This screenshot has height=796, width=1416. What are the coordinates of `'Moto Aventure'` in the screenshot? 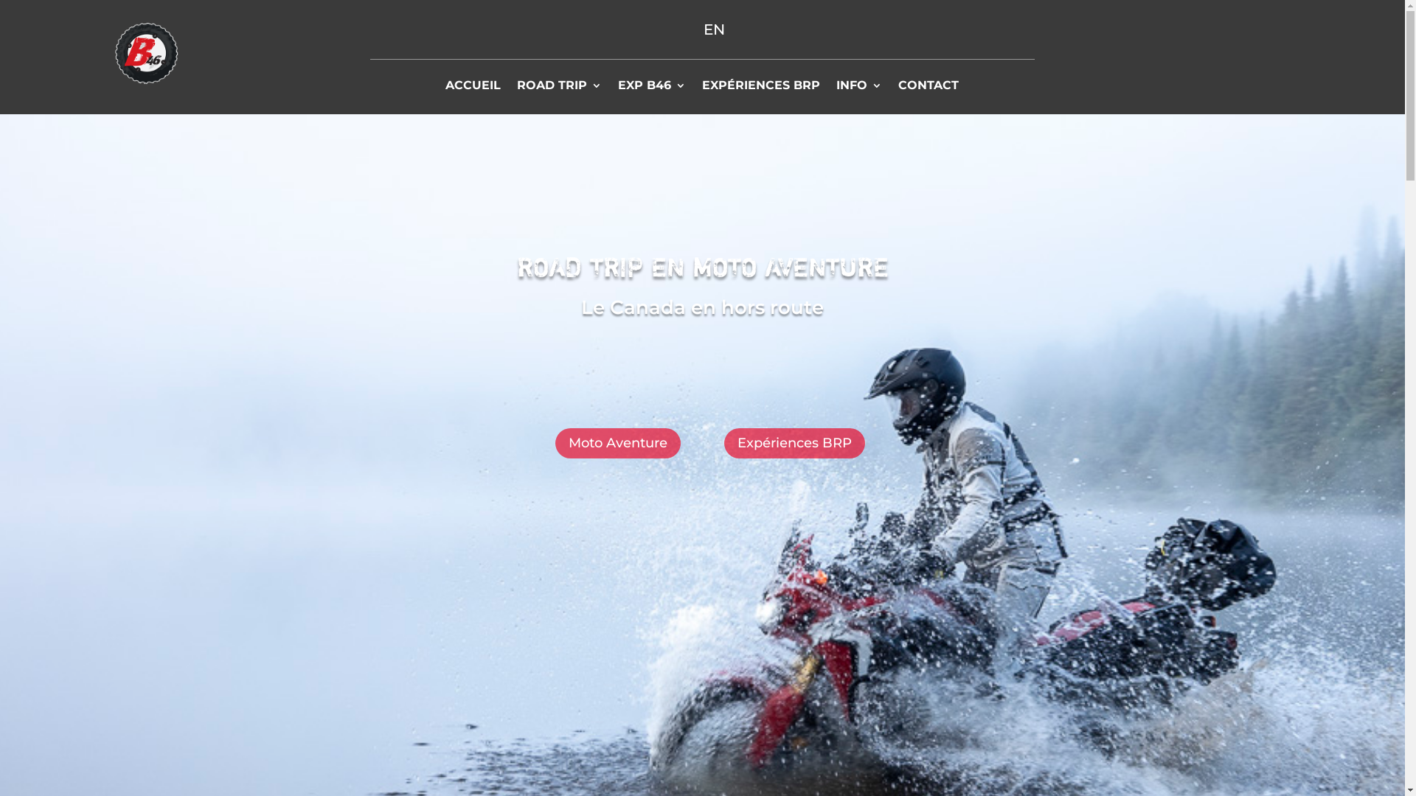 It's located at (618, 442).